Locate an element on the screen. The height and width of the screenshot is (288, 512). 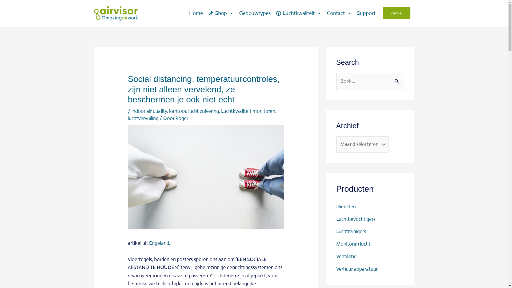
'Engeland' is located at coordinates (149, 243).